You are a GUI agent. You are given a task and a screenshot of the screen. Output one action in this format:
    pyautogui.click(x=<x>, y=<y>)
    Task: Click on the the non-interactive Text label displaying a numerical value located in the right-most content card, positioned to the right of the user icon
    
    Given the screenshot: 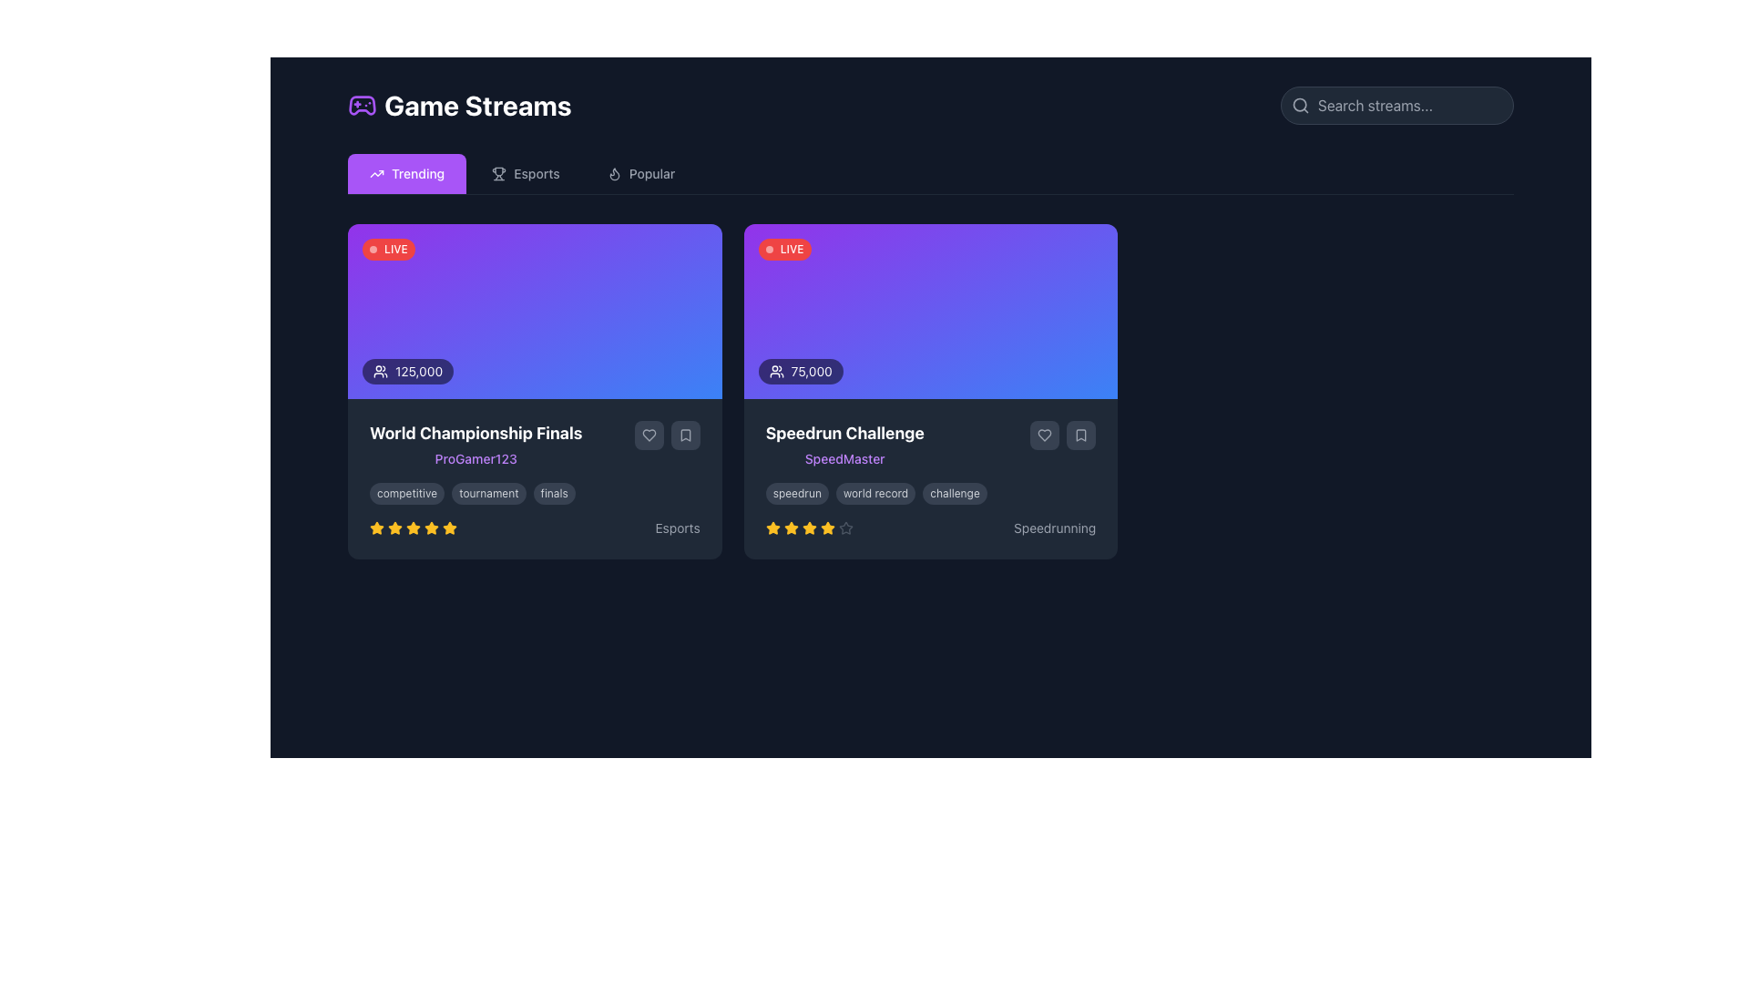 What is the action you would take?
    pyautogui.click(x=811, y=371)
    